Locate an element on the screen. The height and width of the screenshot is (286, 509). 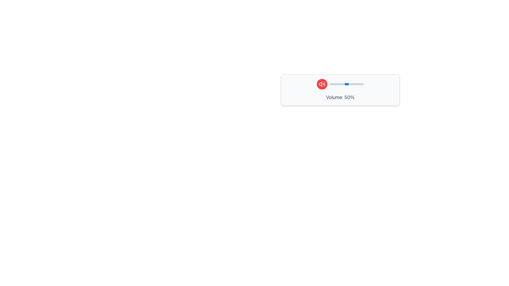
volume is located at coordinates (332, 84).